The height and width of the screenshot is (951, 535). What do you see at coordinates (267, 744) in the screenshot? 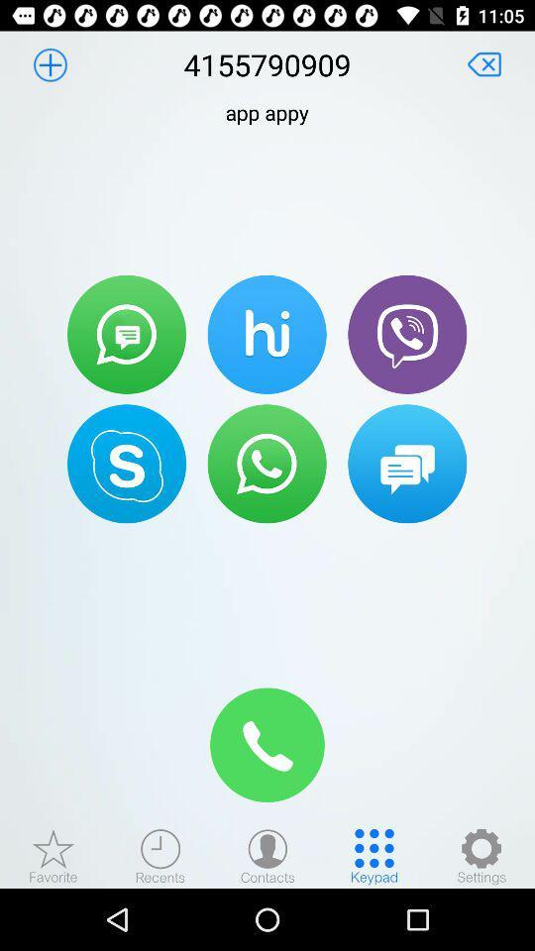
I see `call` at bounding box center [267, 744].